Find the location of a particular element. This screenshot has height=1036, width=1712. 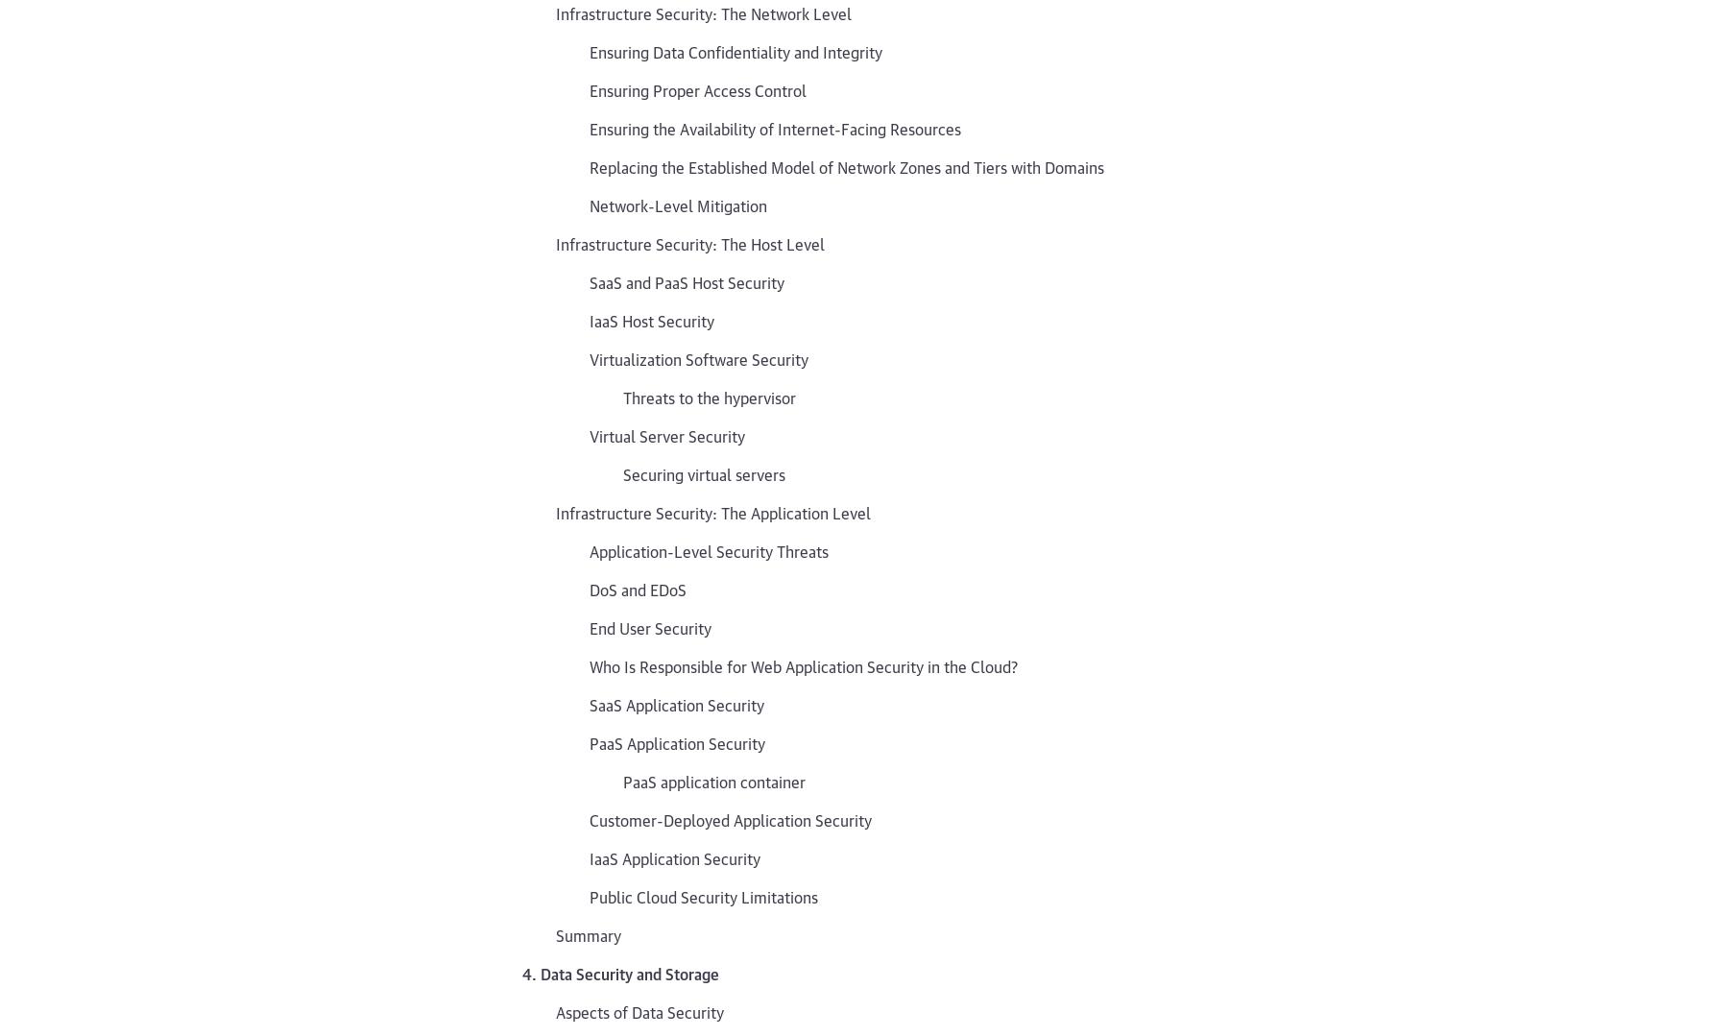

'PaaS Application Security' is located at coordinates (676, 741).